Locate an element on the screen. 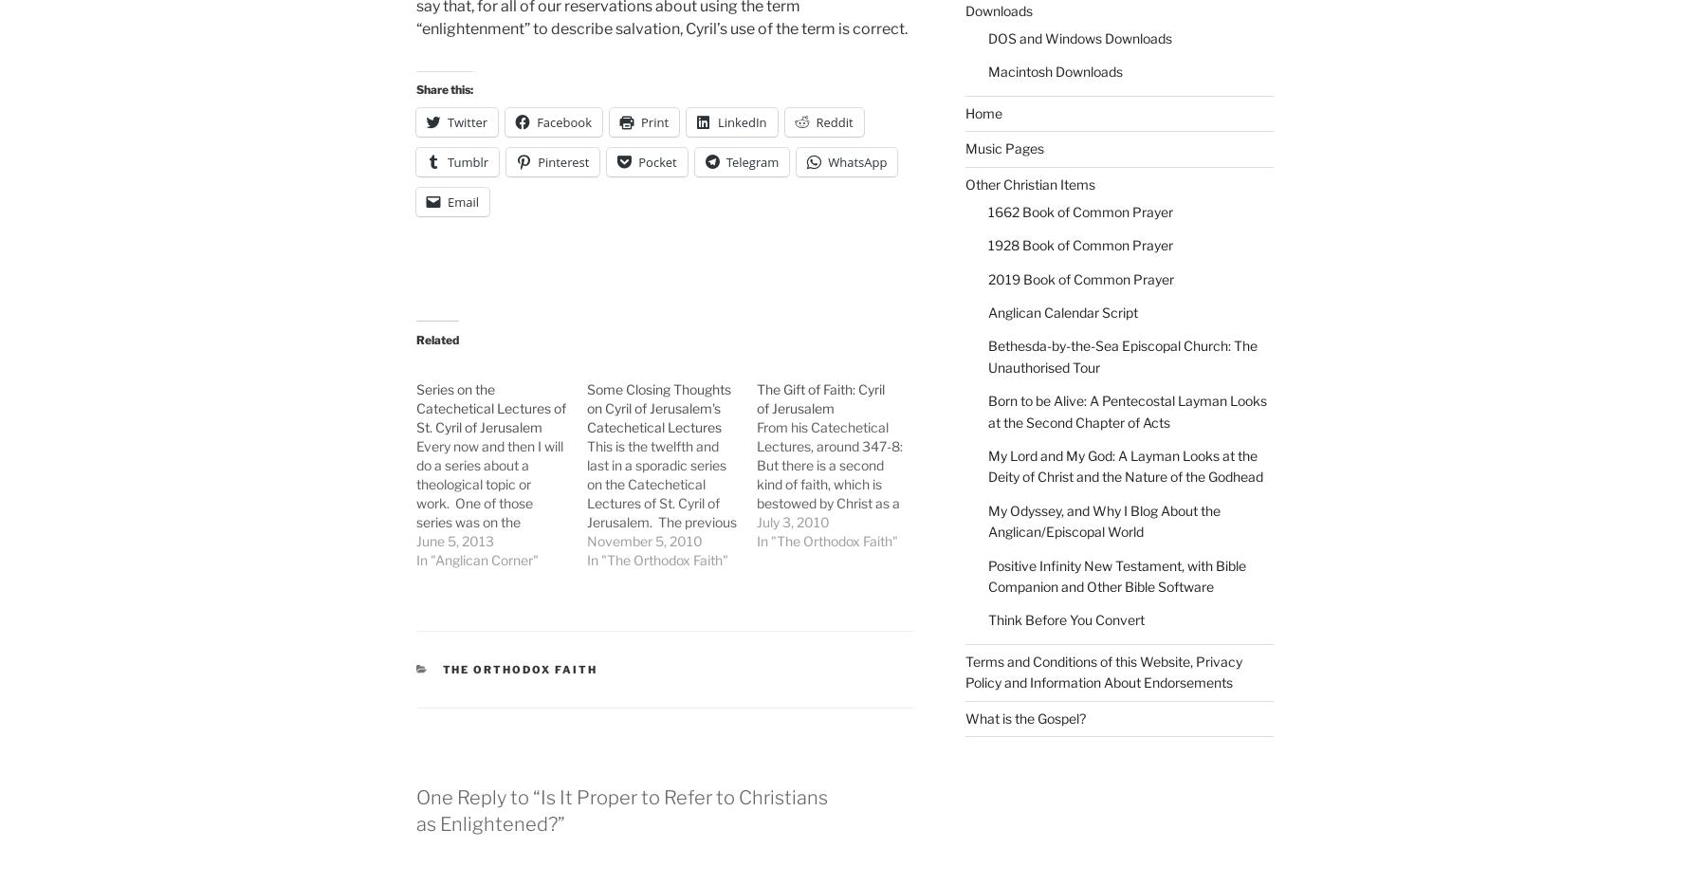  'One Reply to “Is It Proper to Refer to Christians as Enlightened?”' is located at coordinates (620, 810).